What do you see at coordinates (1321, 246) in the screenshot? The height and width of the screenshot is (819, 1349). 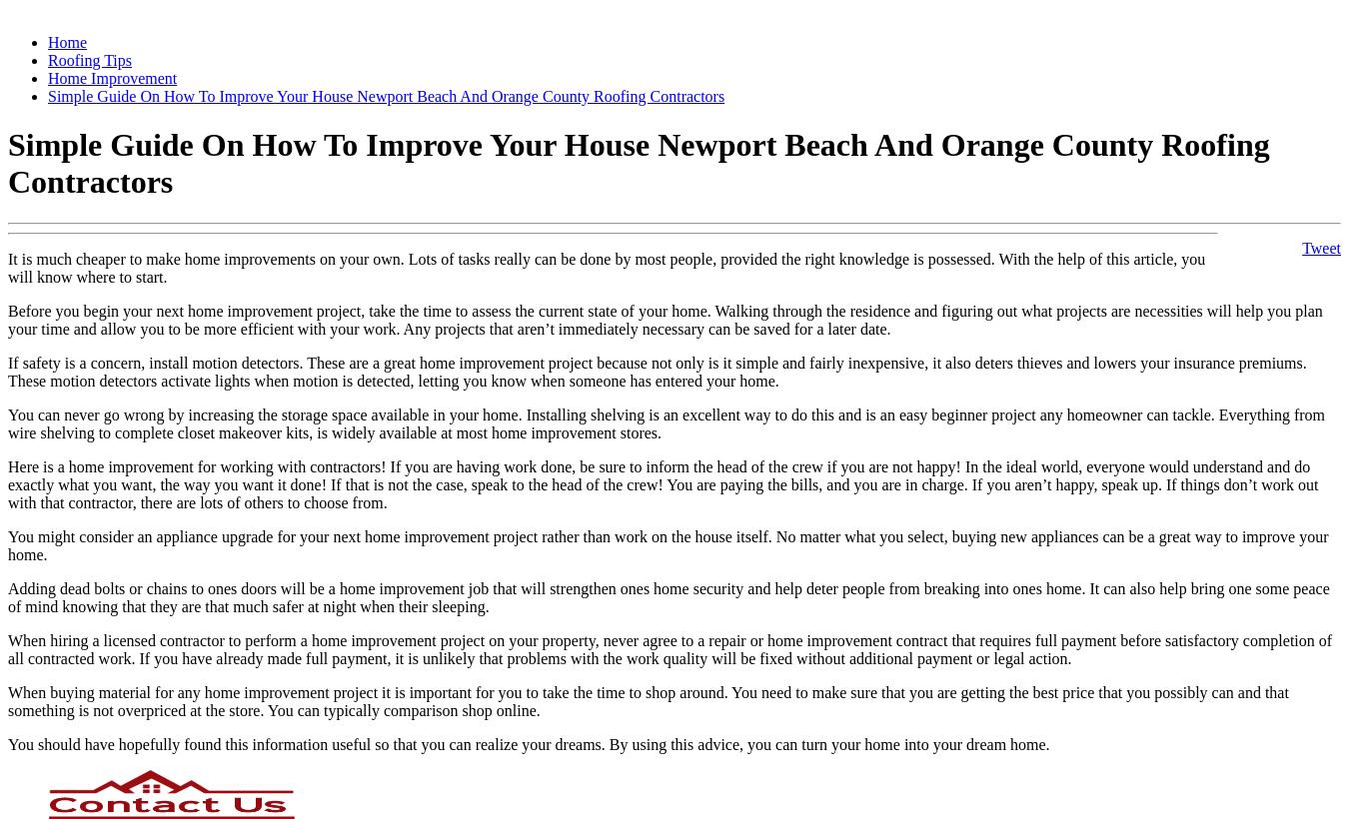 I see `'Tweet'` at bounding box center [1321, 246].